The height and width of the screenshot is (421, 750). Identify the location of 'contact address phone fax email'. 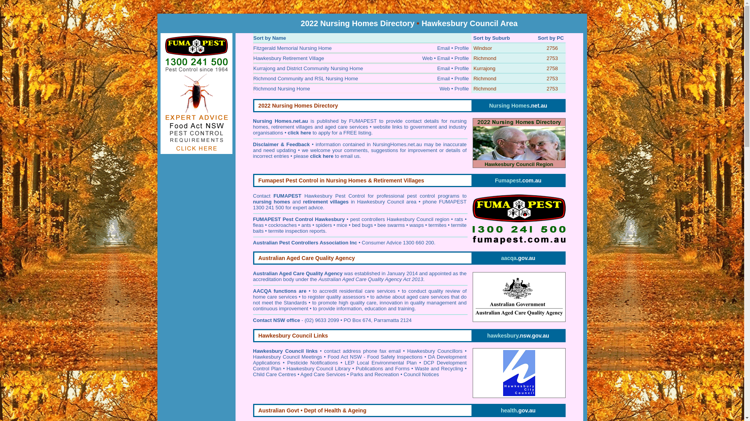
(362, 351).